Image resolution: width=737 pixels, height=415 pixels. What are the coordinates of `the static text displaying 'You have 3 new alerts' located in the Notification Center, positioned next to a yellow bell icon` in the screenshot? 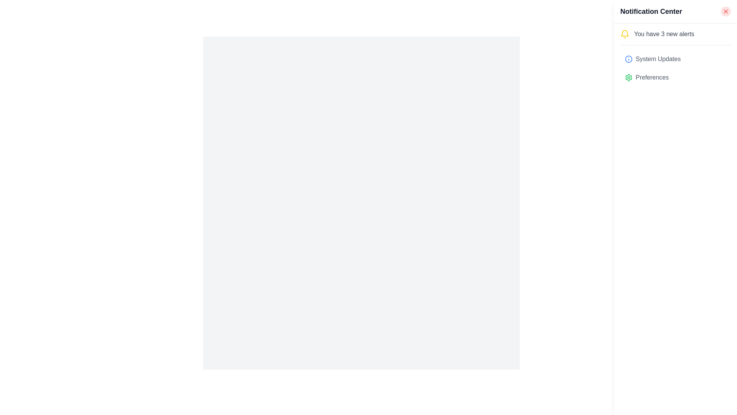 It's located at (664, 33).